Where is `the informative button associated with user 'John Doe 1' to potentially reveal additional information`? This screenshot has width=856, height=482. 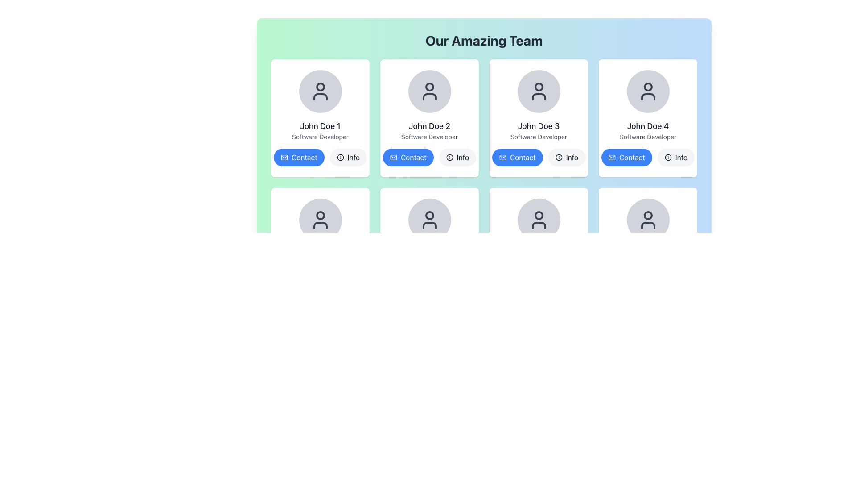 the informative button associated with user 'John Doe 1' to potentially reveal additional information is located at coordinates (348, 157).